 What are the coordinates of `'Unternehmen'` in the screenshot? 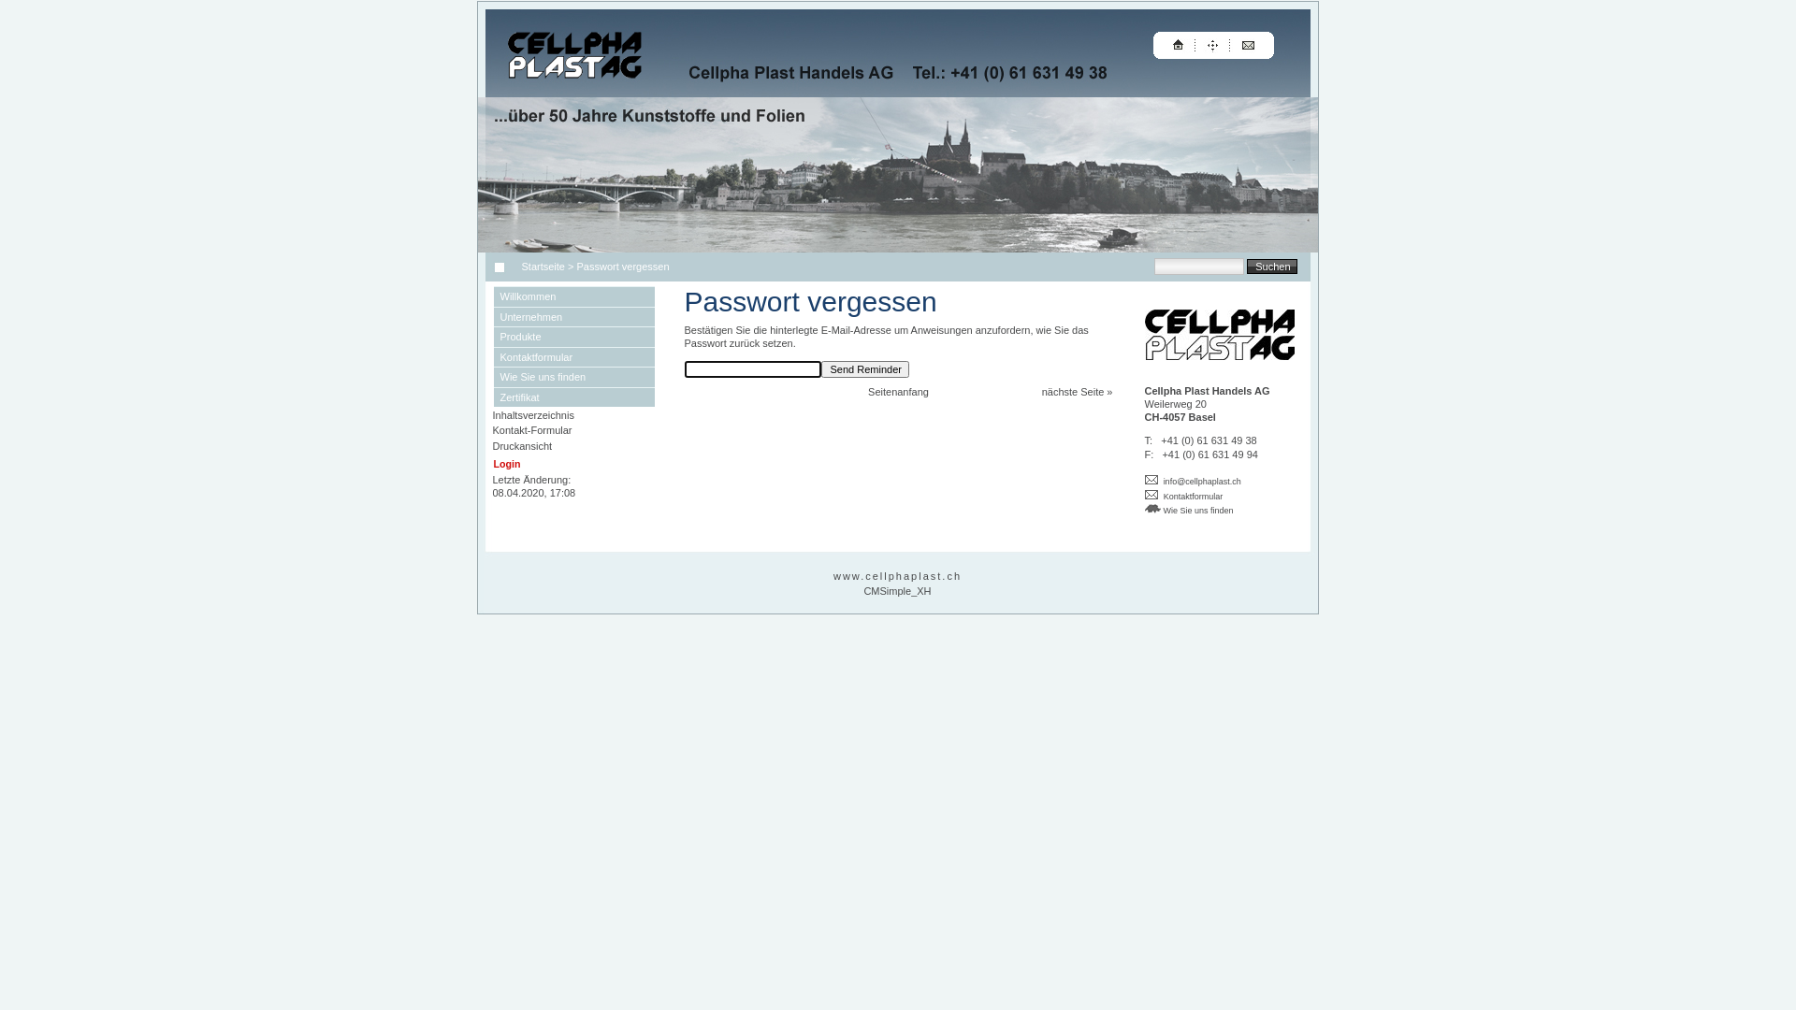 It's located at (573, 316).